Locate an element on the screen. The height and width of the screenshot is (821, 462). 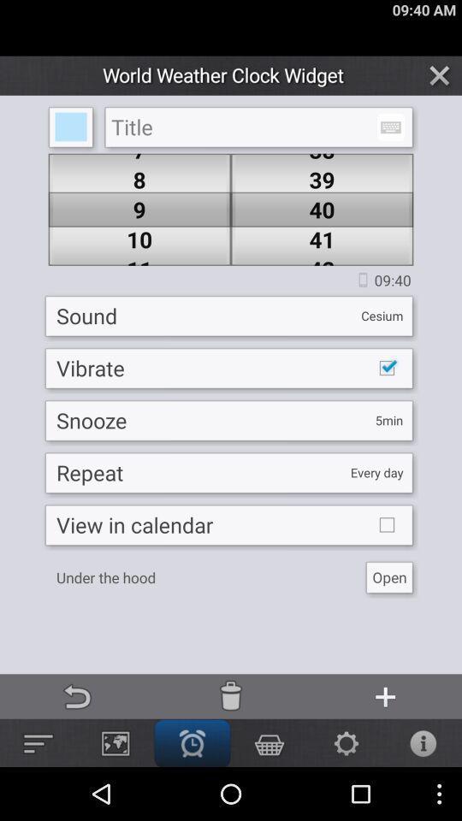
the date_range icon is located at coordinates (390, 135).